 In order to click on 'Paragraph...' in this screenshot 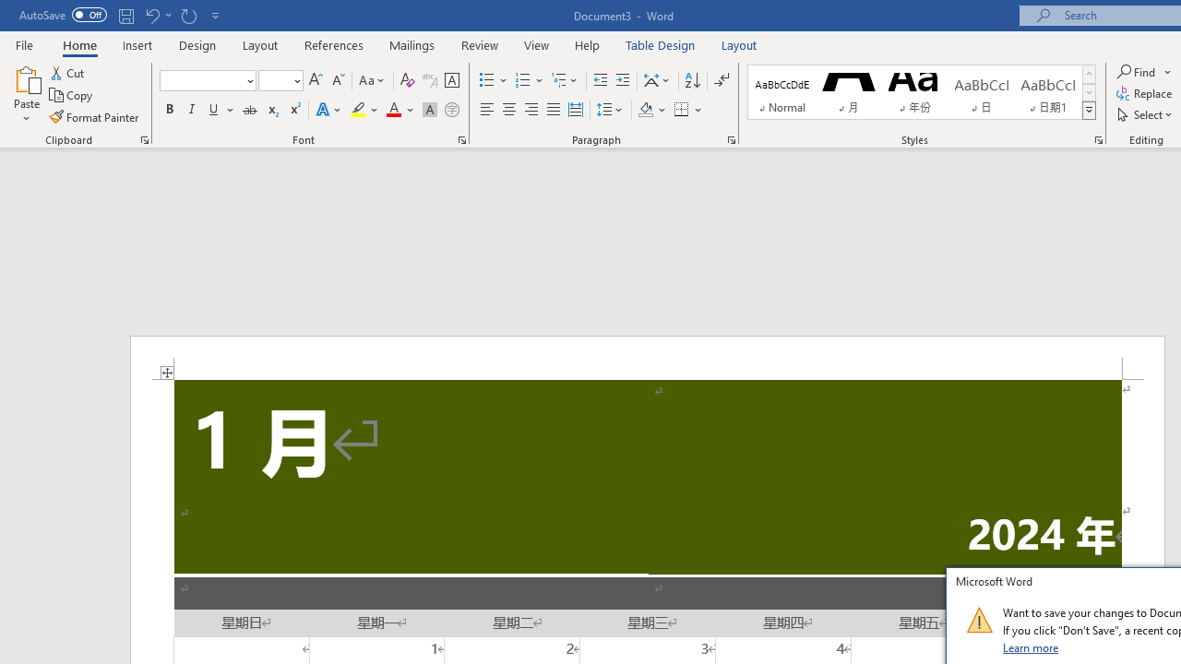, I will do `click(730, 138)`.